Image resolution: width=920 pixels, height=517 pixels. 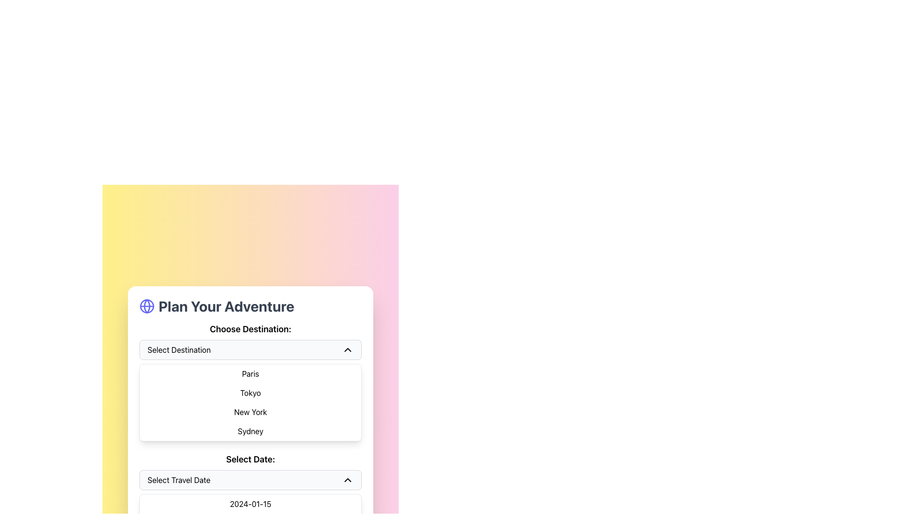 I want to click on the globe icon, which is styled in a minimalist design with thin, rounded strokes and rendered in a vibrant indigo color, located to the left of the text 'Plan Your Adventure', so click(x=147, y=306).